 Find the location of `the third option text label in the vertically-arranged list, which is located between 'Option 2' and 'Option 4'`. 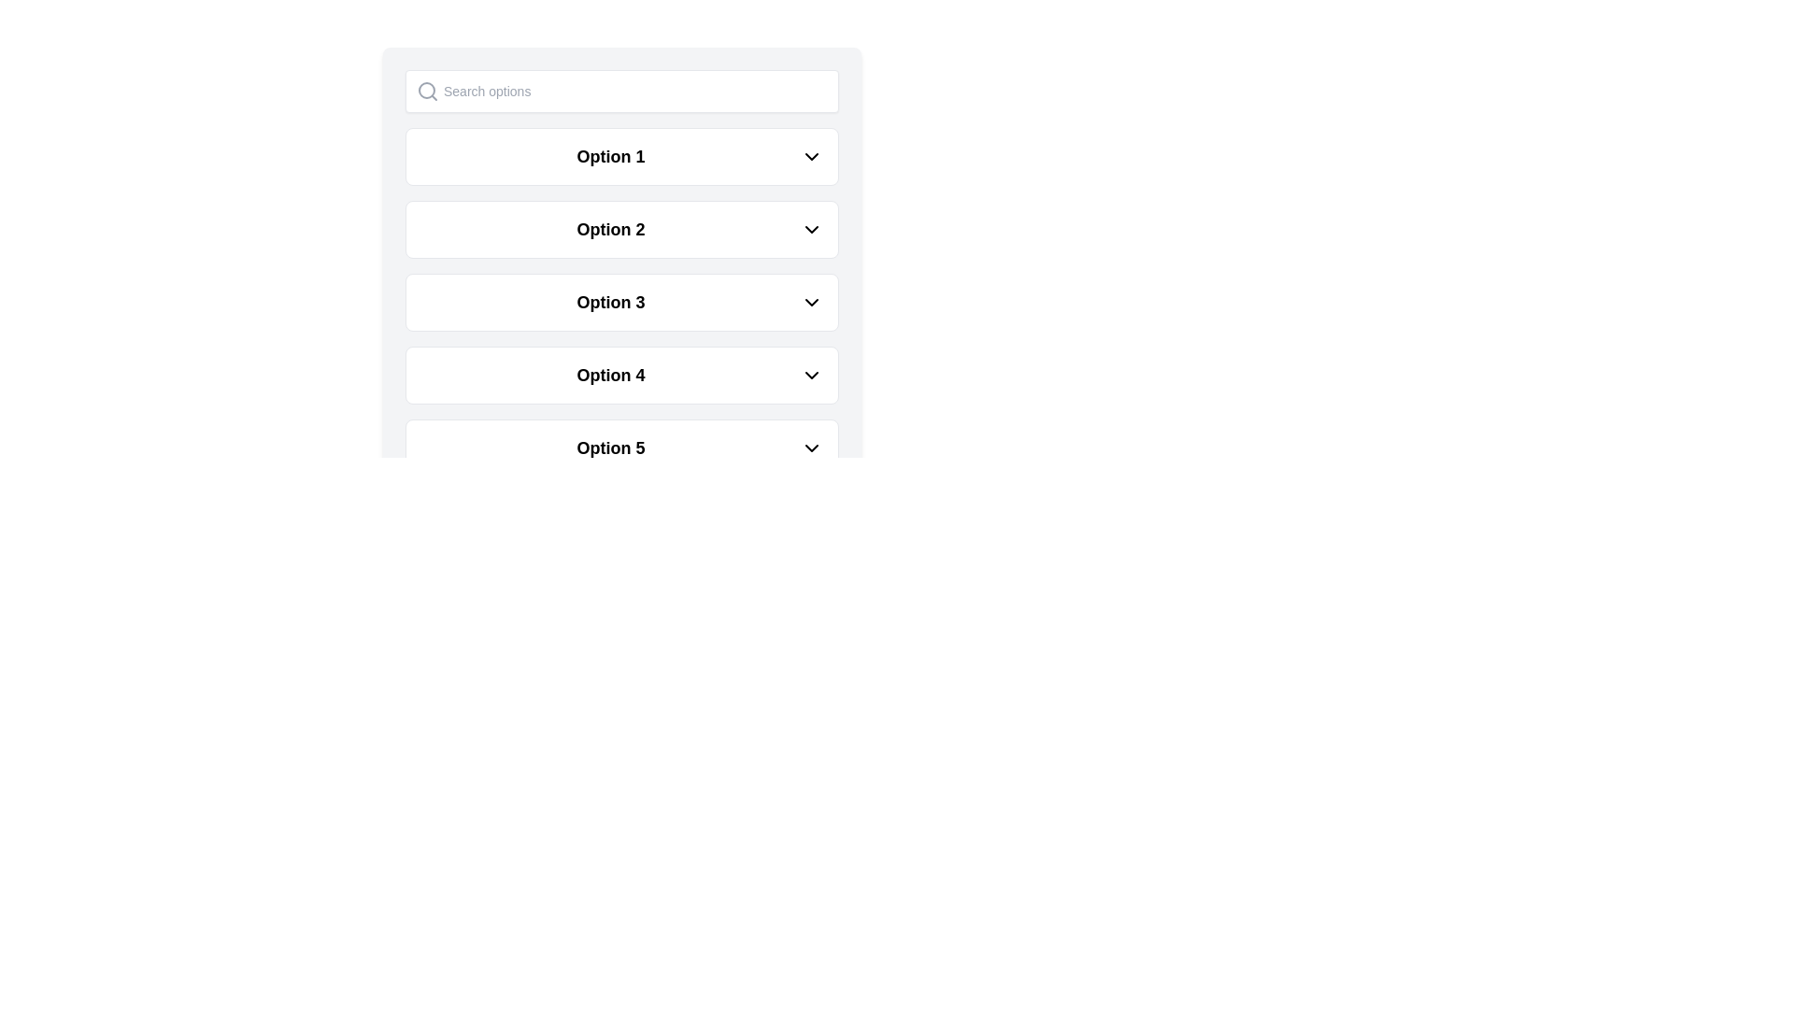

the third option text label in the vertically-arranged list, which is located between 'Option 2' and 'Option 4' is located at coordinates (610, 302).